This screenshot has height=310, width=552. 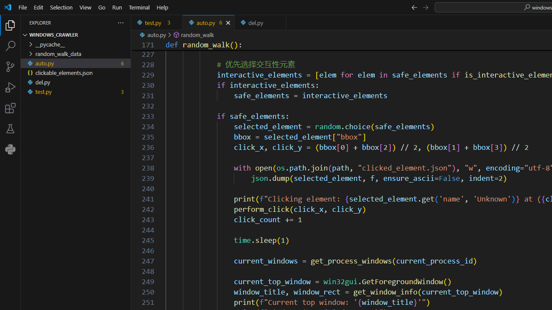 I want to click on 'Go Forward (Alt+RightArrow)', so click(x=425, y=7).